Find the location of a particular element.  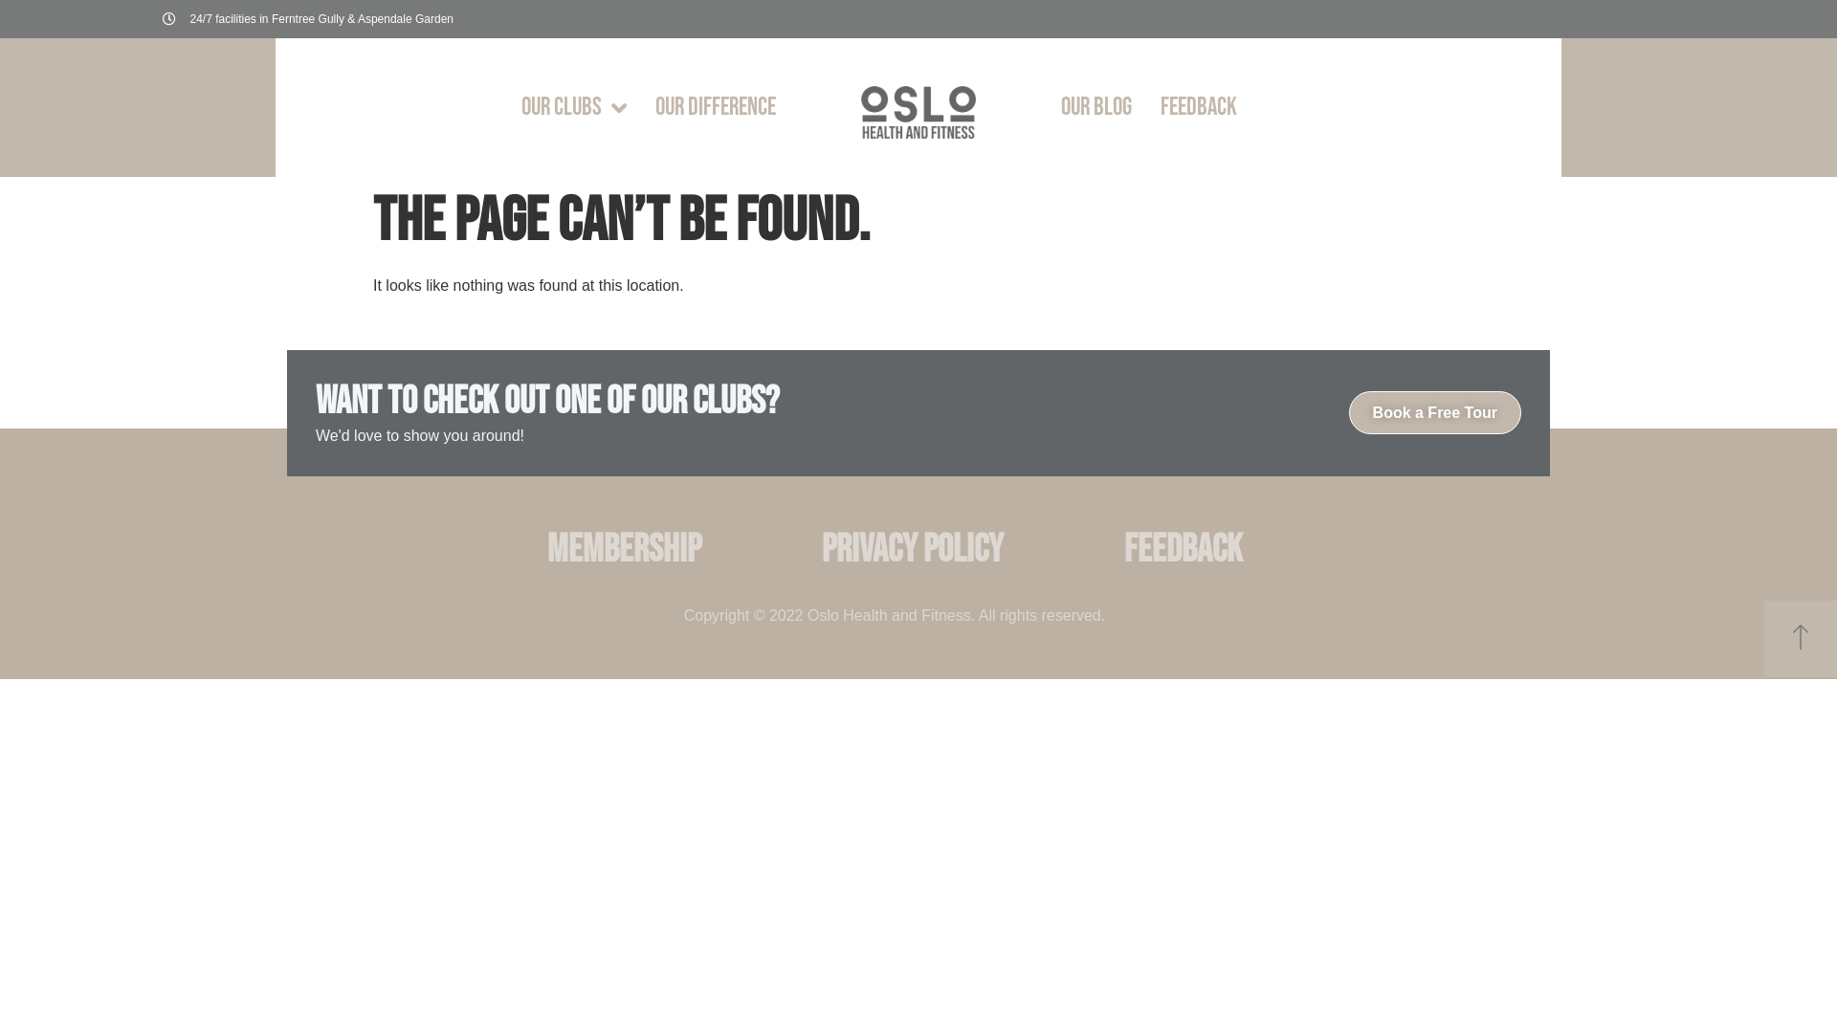

'Membership' is located at coordinates (623, 549).